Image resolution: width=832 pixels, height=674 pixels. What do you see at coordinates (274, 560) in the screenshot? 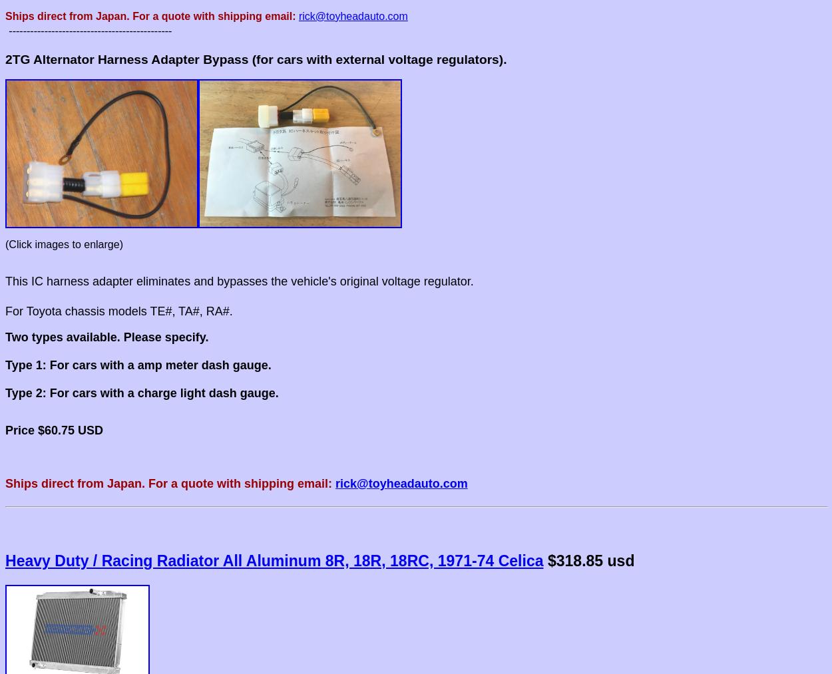
I see `'Heavy Duty / Racing Radiator All Aluminum 8R, 18R, 18RC, 1971-74 Celica'` at bounding box center [274, 560].